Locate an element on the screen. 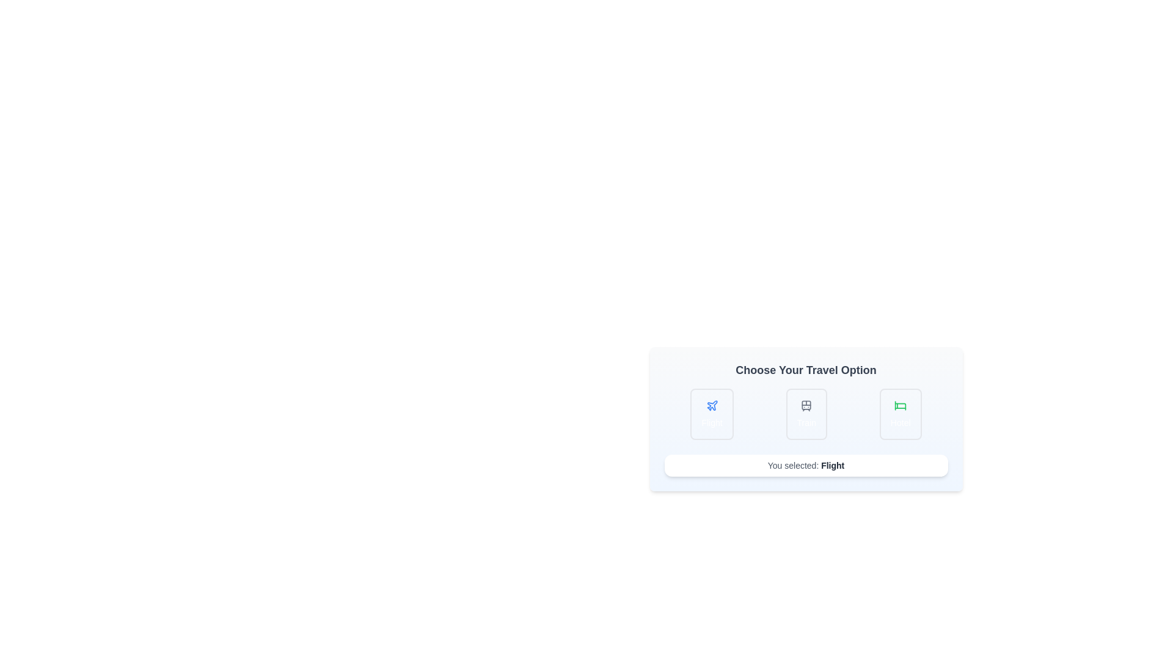 The height and width of the screenshot is (660, 1173). the 'Train' button is located at coordinates (806, 414).